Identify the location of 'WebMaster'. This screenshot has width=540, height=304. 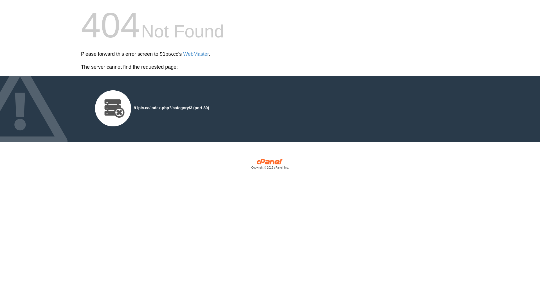
(196, 54).